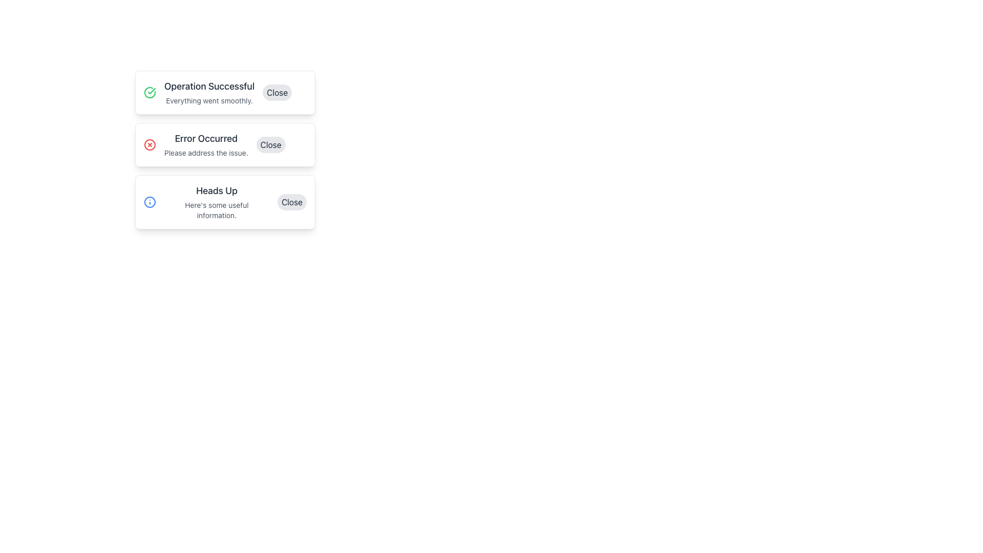  What do you see at coordinates (151, 90) in the screenshot?
I see `green checkmark component within the 'Operation Successful' notification bar, located in the SVG icon to the left of the text` at bounding box center [151, 90].